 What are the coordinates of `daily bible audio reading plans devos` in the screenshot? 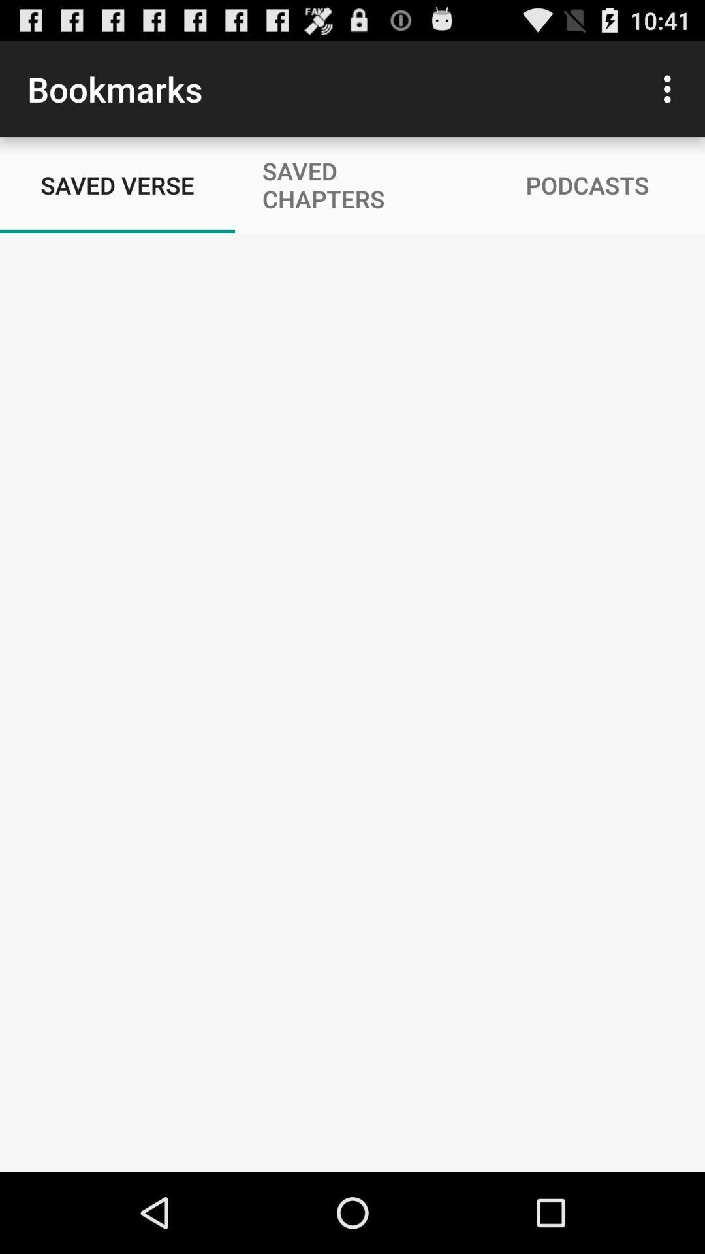 It's located at (352, 701).